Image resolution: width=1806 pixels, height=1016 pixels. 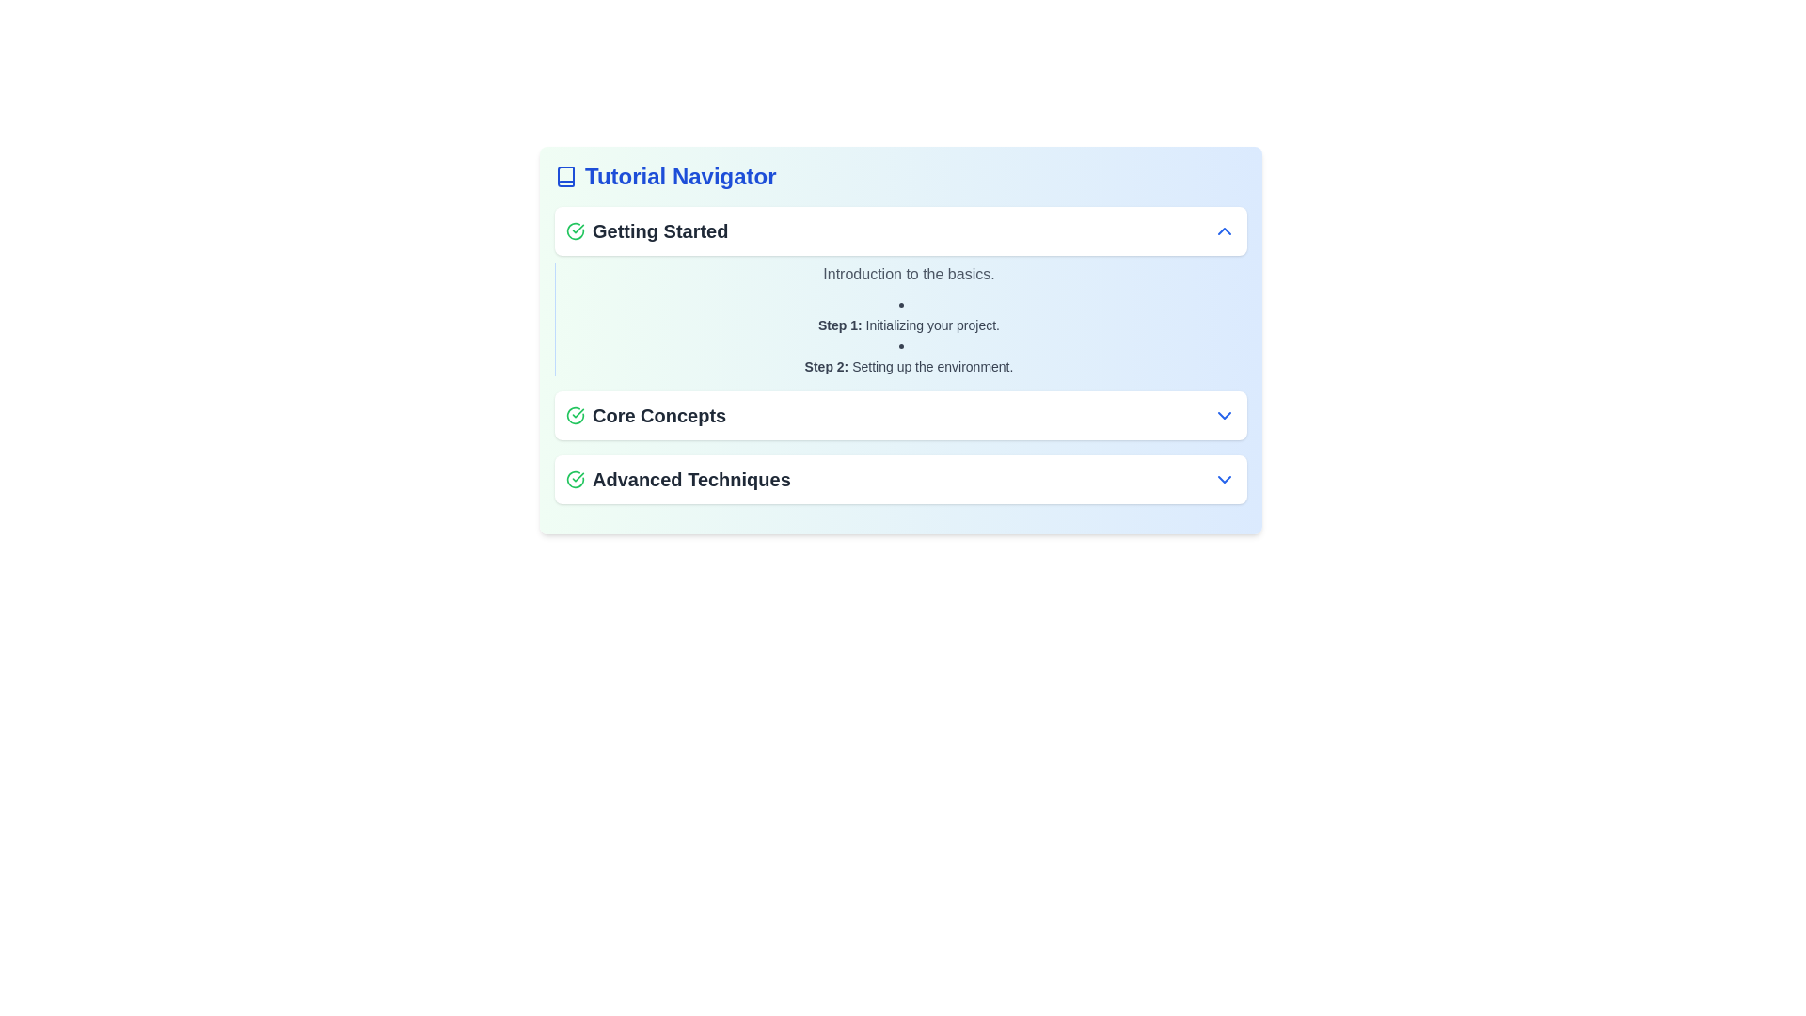 What do you see at coordinates (647, 230) in the screenshot?
I see `the 'Getting Started' text element with a green checkmark icon, which serves as a header in the 'Tutorial Navigator' component` at bounding box center [647, 230].